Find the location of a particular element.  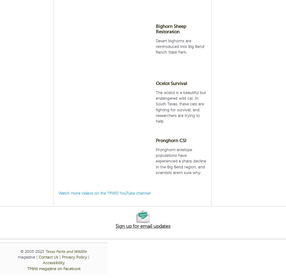

'Contact Us' is located at coordinates (48, 257).